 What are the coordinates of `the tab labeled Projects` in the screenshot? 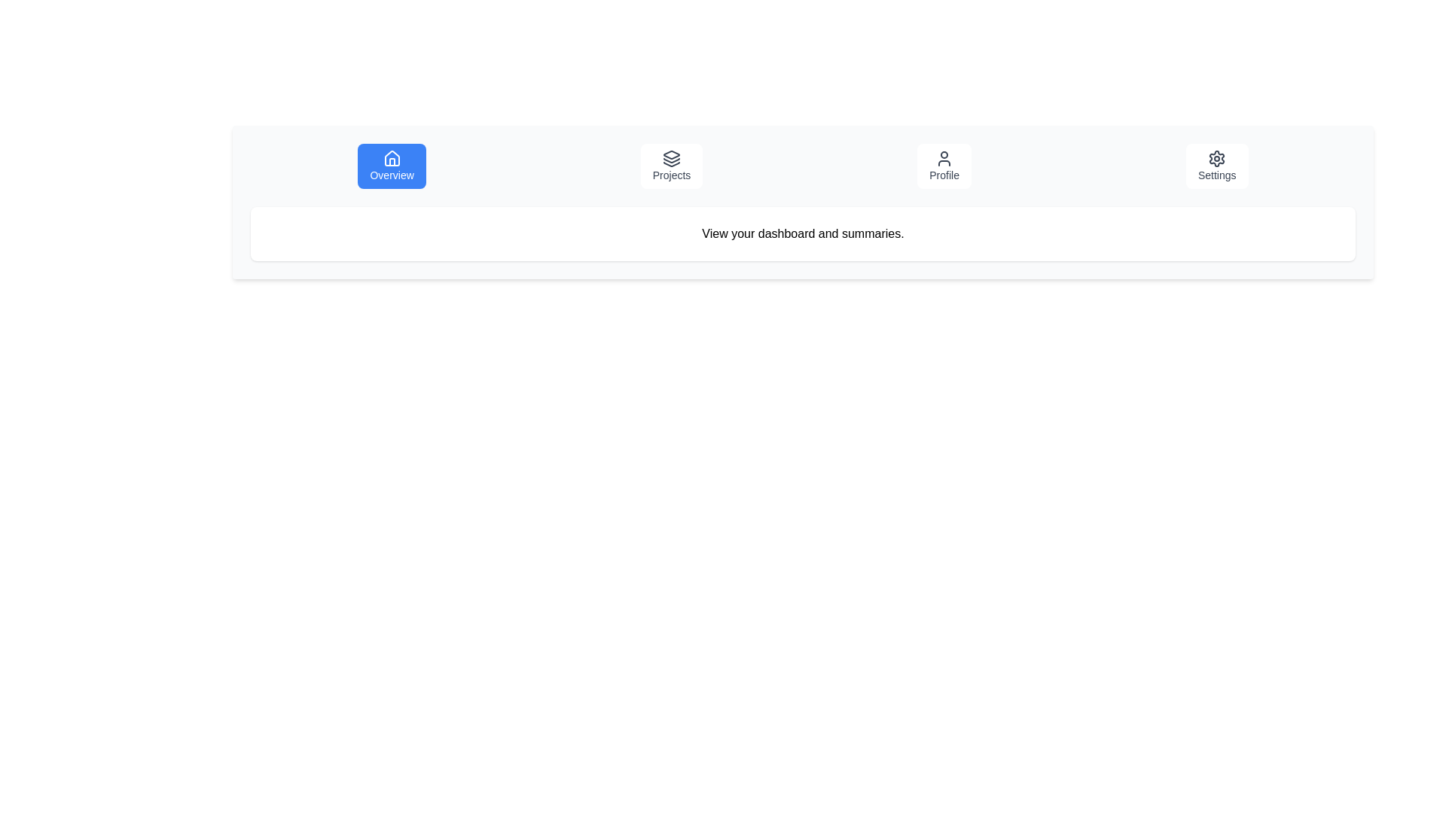 It's located at (671, 166).